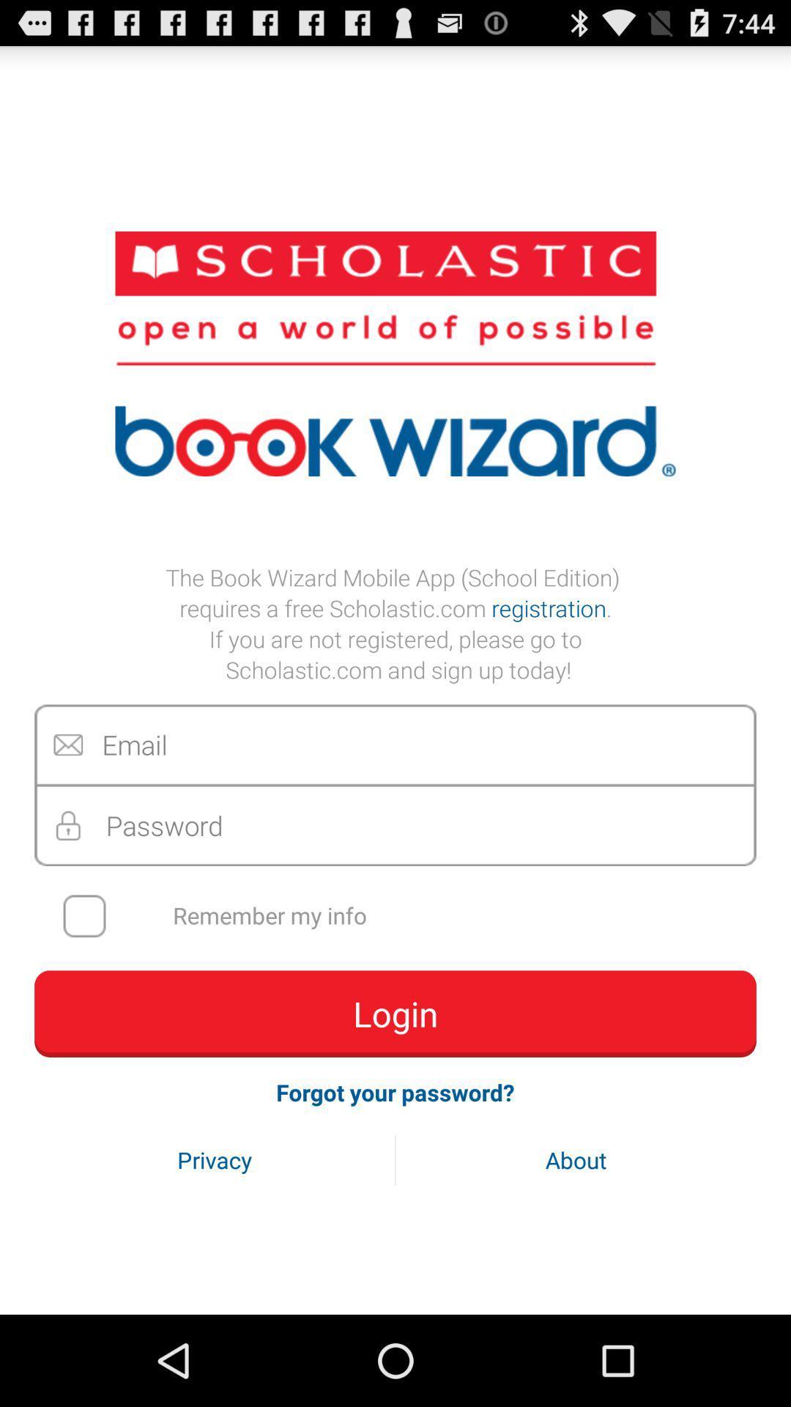  What do you see at coordinates (215, 1159) in the screenshot?
I see `the privacy icon` at bounding box center [215, 1159].